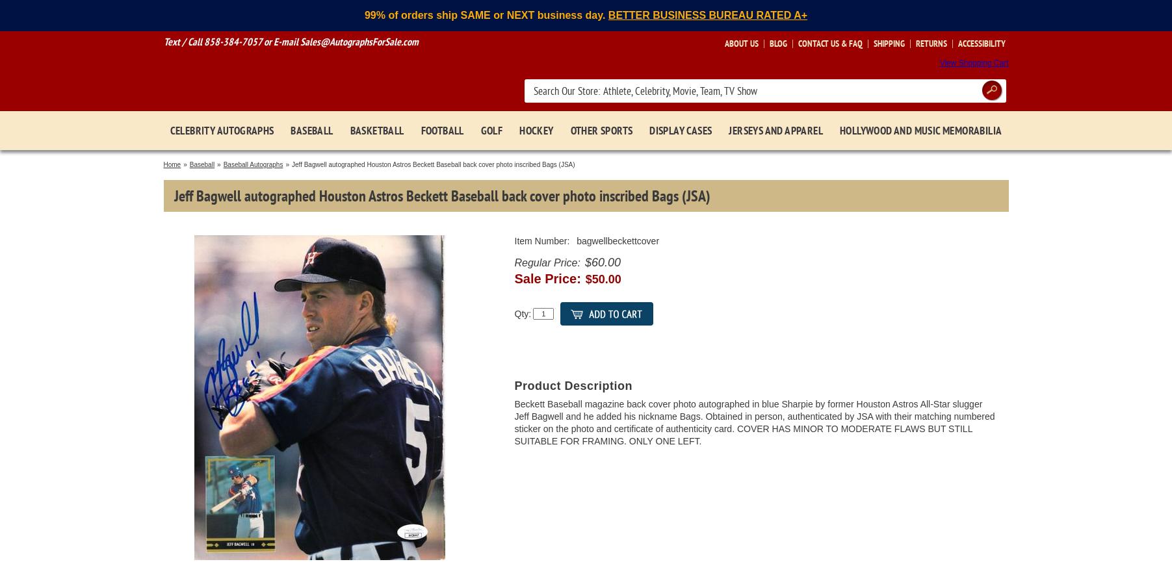 This screenshot has width=1172, height=564. I want to click on '$50.00', so click(603, 279).